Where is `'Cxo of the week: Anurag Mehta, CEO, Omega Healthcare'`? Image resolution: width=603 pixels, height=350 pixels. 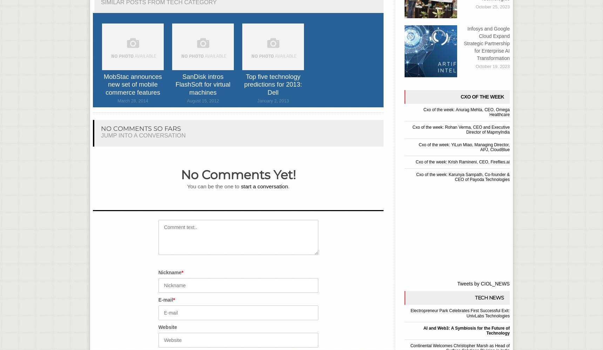 'Cxo of the week: Anurag Mehta, CEO, Omega Healthcare' is located at coordinates (422, 112).